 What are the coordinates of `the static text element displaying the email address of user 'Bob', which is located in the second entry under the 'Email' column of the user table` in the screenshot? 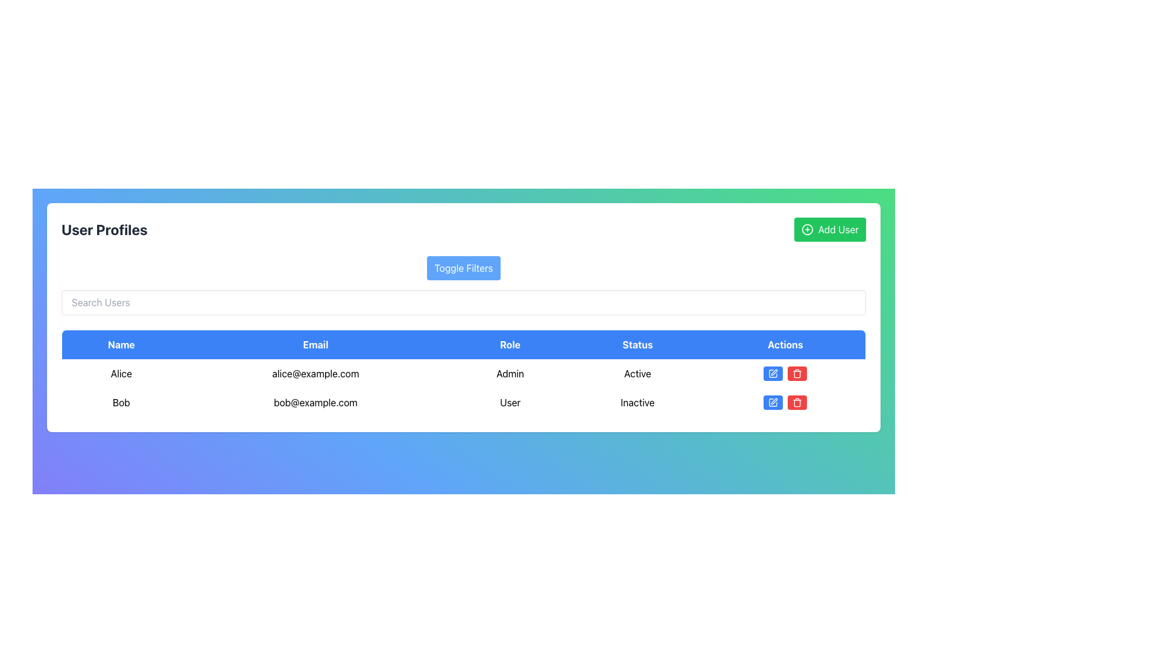 It's located at (315, 403).